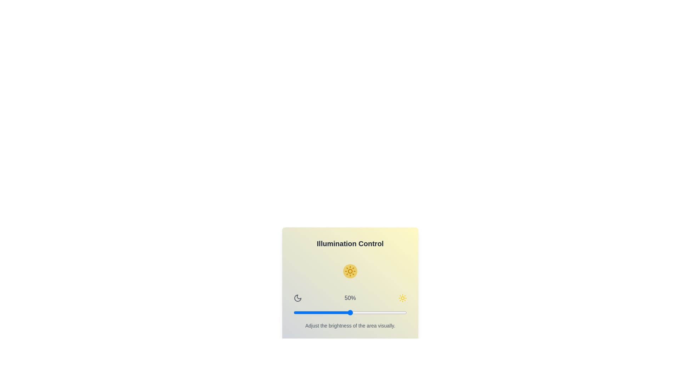  I want to click on the brightness slider to 52%, so click(352, 312).